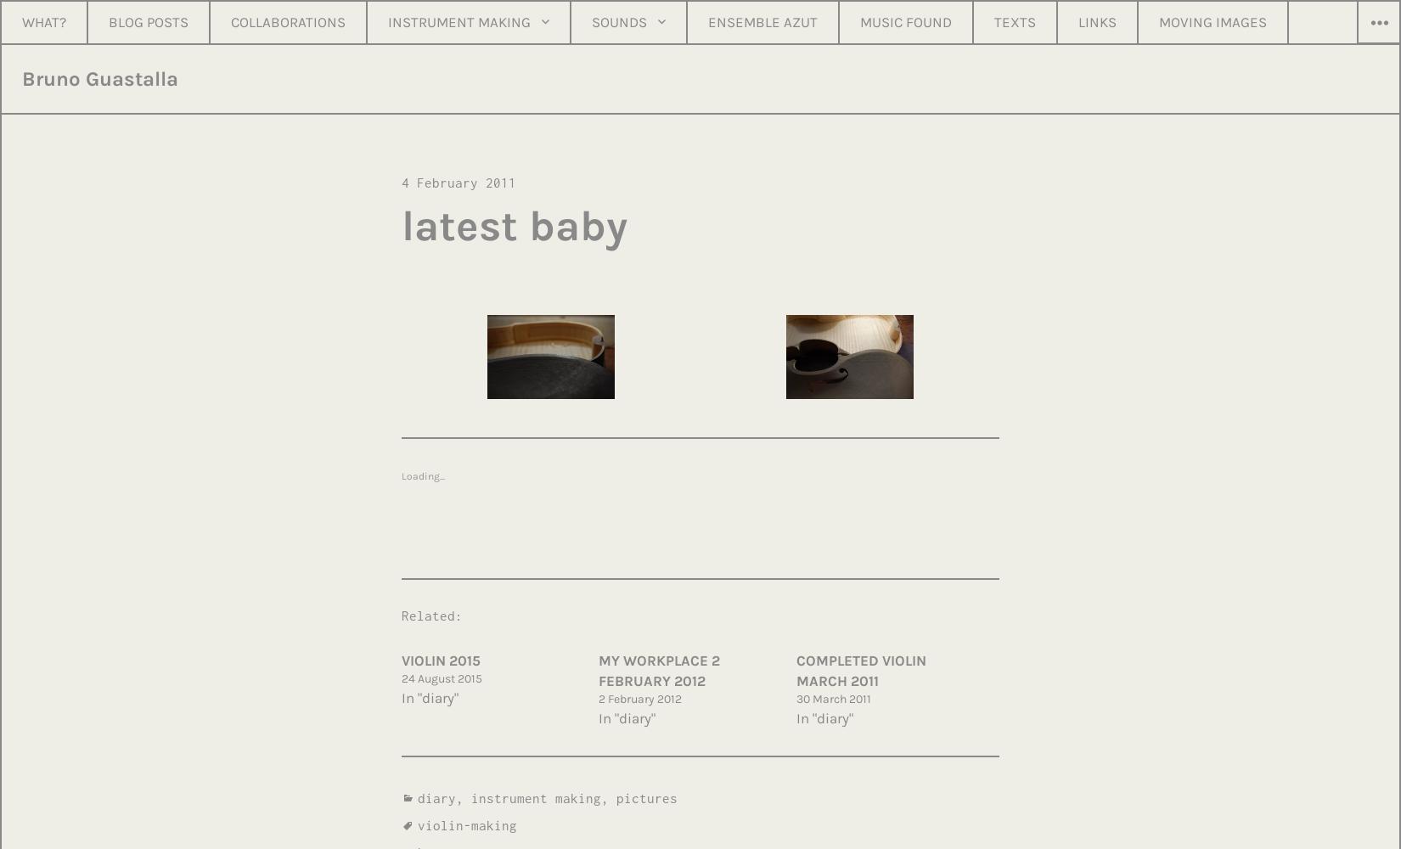 This screenshot has height=849, width=1401. I want to click on 'diary', so click(417, 796).